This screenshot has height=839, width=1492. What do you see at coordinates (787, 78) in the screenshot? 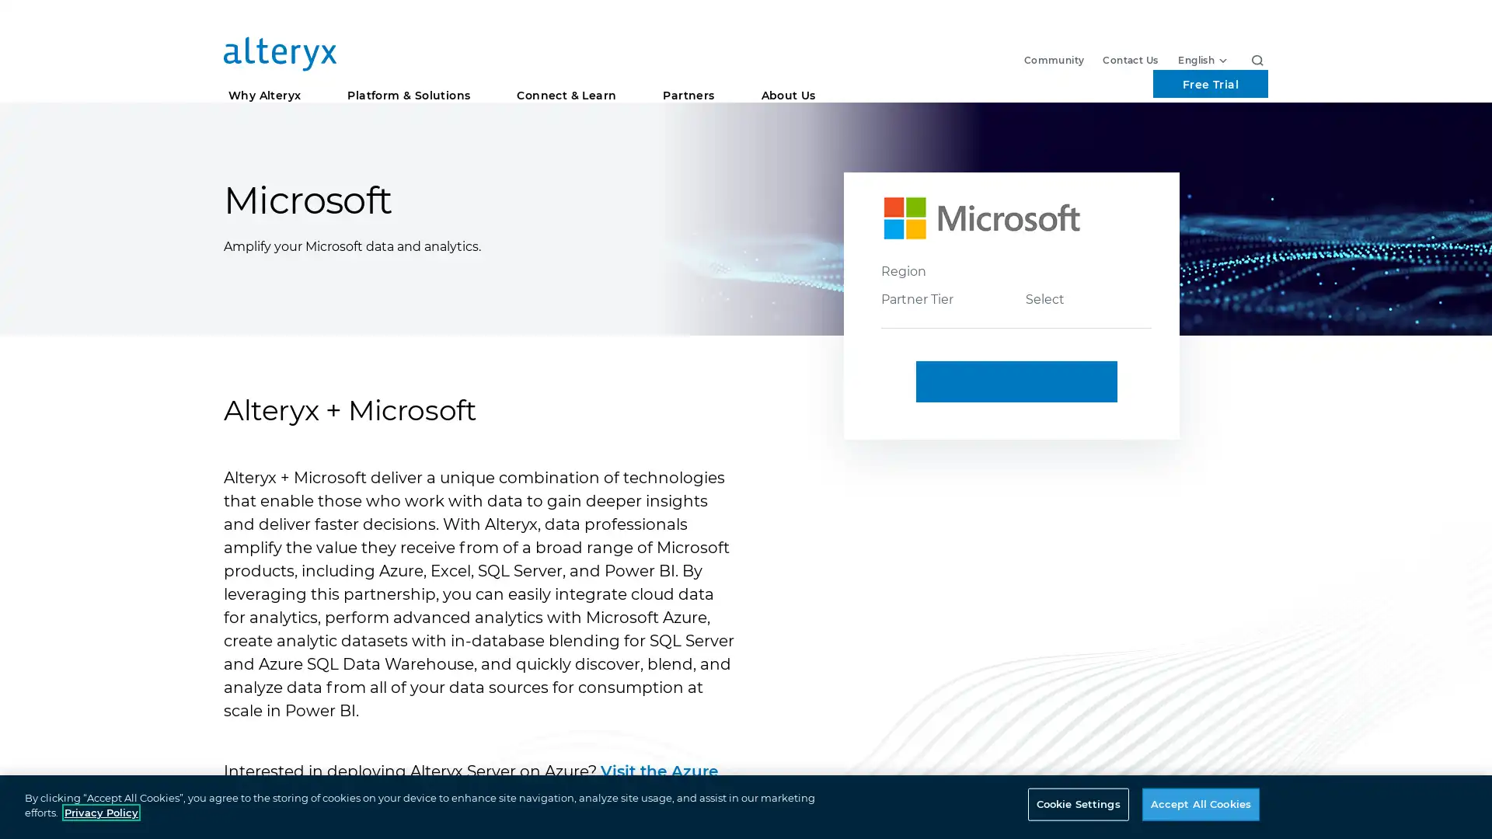
I see `About Us, menu` at bounding box center [787, 78].